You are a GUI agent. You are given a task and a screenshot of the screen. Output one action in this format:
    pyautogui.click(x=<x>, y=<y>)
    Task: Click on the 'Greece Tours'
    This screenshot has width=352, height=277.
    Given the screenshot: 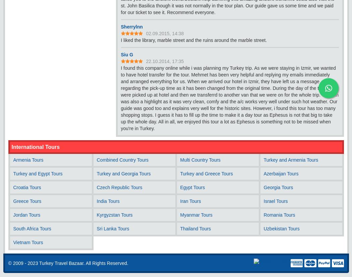 What is the action you would take?
    pyautogui.click(x=27, y=201)
    